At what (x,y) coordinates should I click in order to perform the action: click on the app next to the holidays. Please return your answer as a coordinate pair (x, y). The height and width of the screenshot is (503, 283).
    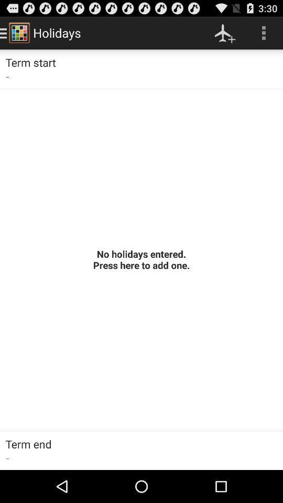
    Looking at the image, I should click on (224, 32).